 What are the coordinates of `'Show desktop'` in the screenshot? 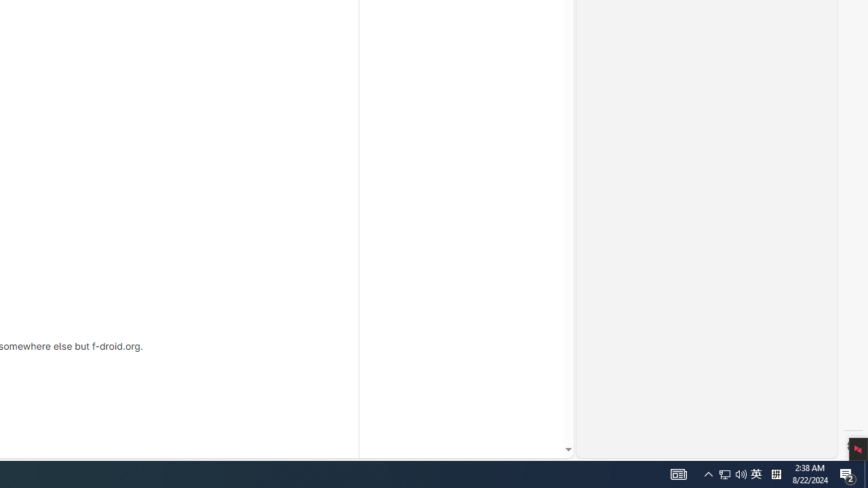 It's located at (848, 473).